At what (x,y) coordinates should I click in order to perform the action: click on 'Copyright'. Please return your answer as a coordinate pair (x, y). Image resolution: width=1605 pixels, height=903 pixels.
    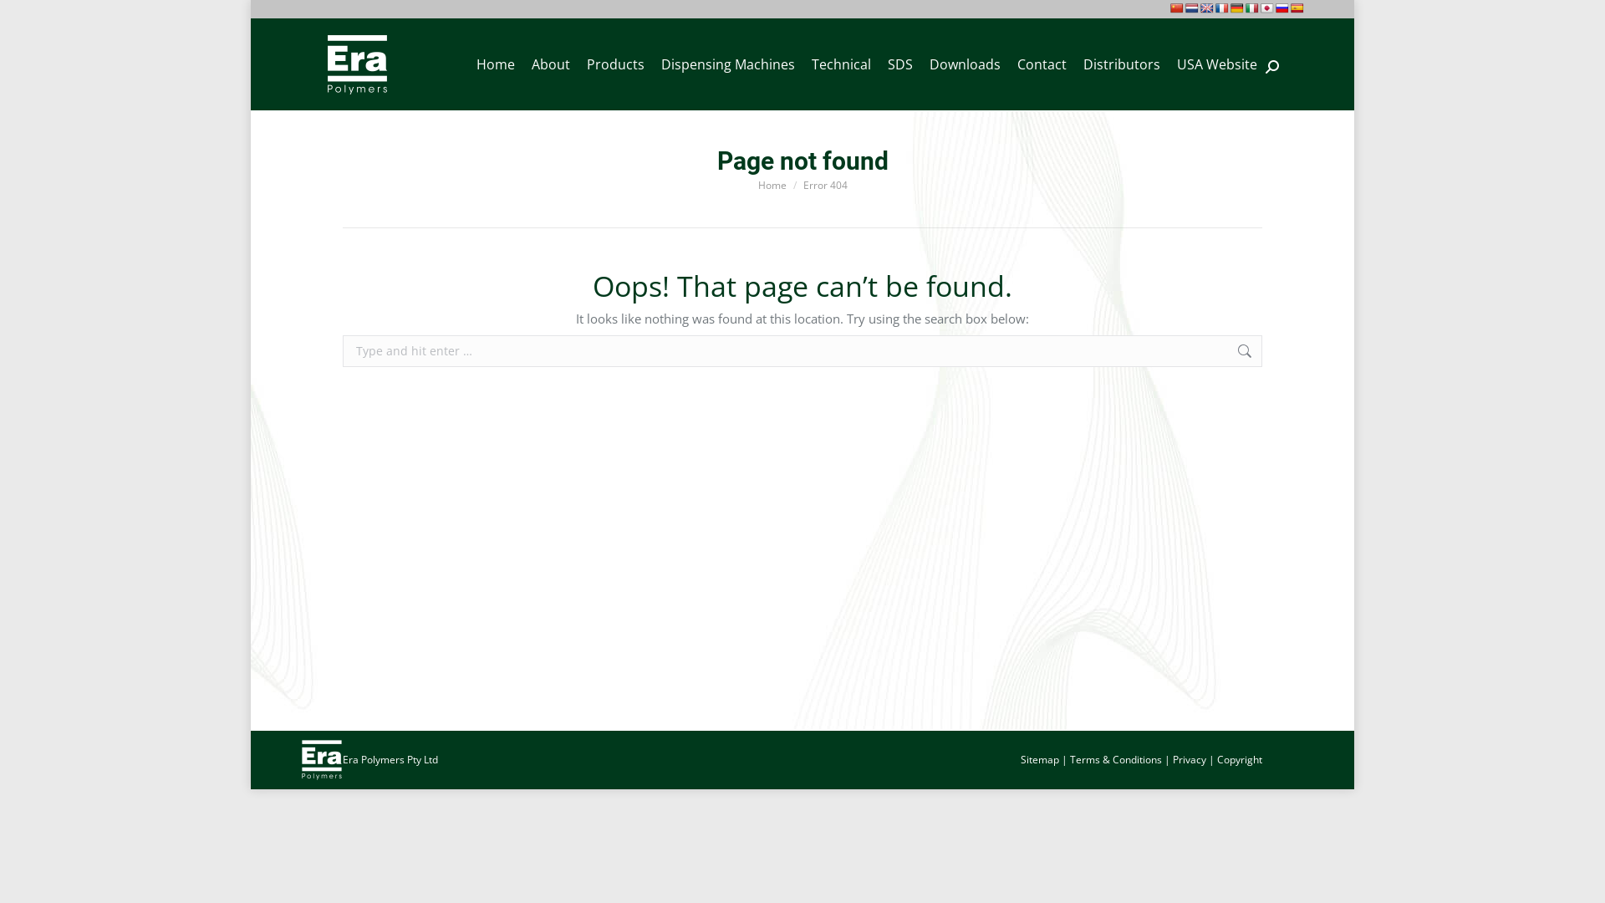
    Looking at the image, I should click on (1240, 759).